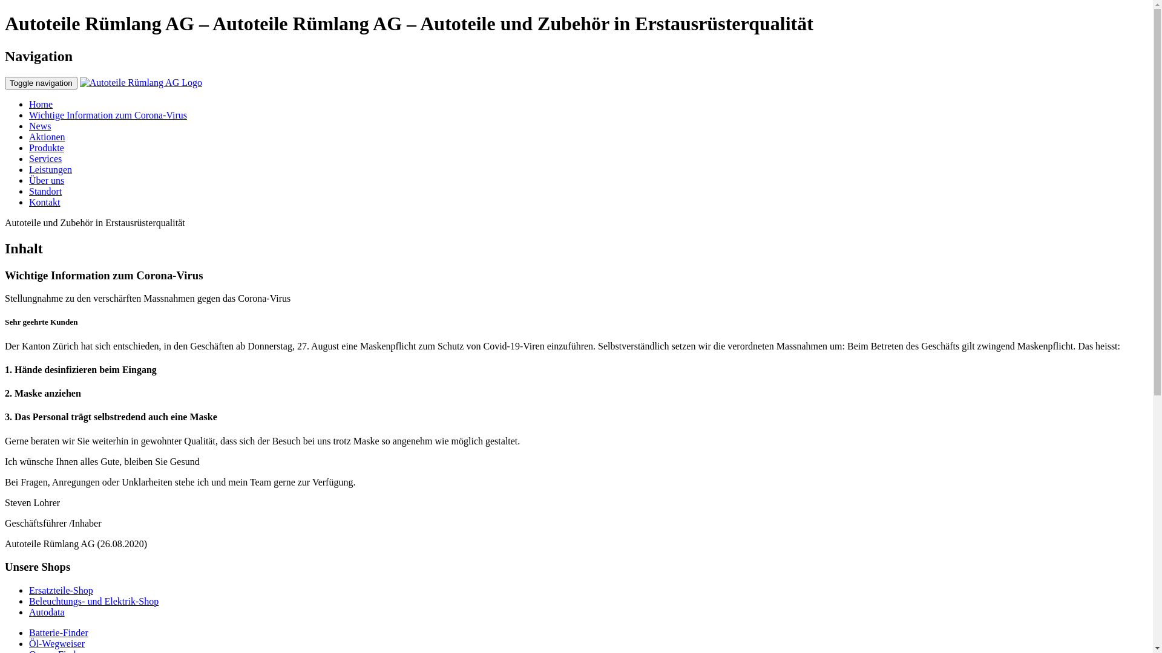 The image size is (1162, 653). Describe the element at coordinates (108, 115) in the screenshot. I see `'Wichtige Information zum Corona-Virus'` at that location.